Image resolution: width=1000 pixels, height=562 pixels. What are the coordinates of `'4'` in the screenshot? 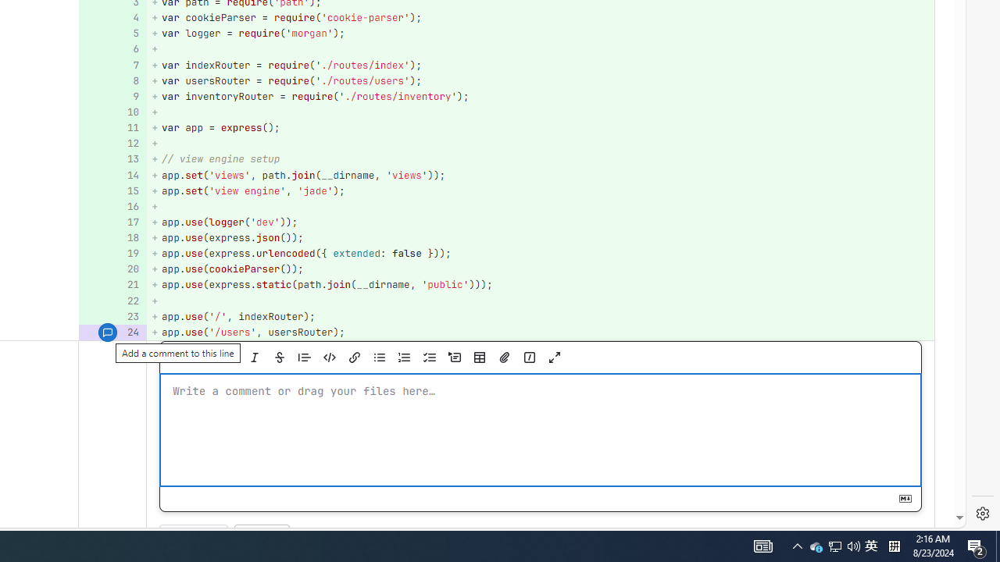 It's located at (110, 18).